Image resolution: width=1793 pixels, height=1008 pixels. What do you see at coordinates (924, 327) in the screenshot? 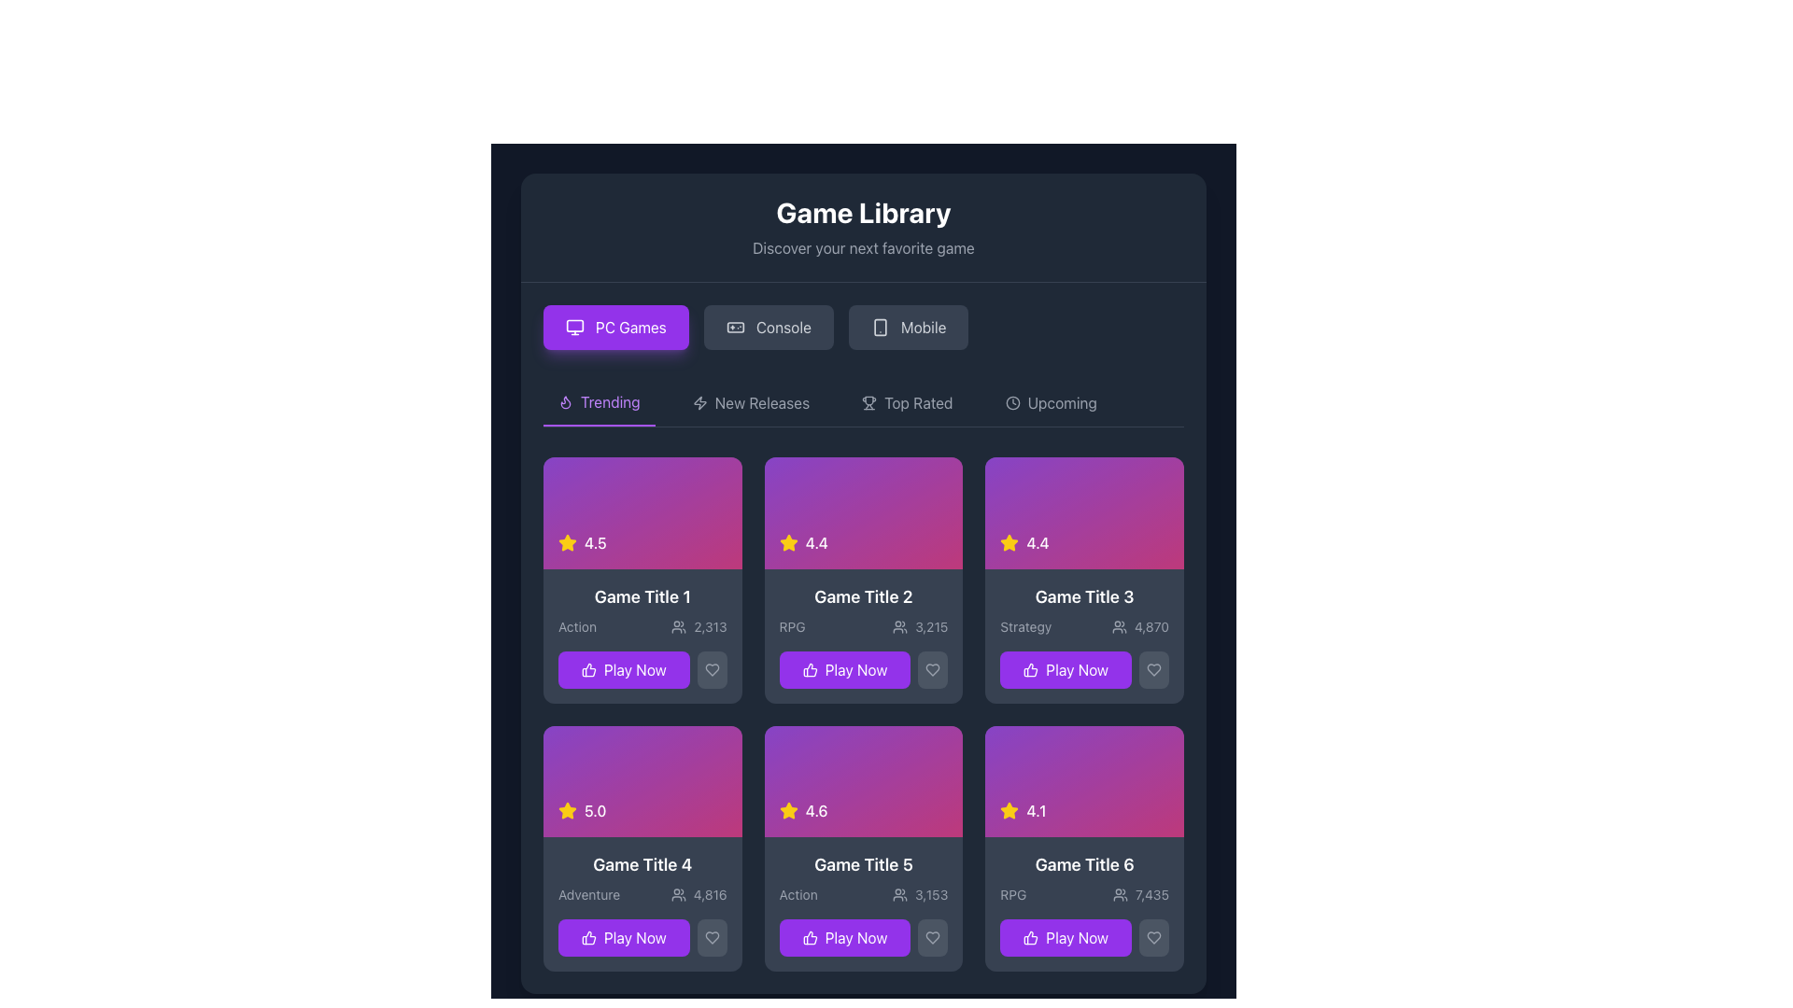
I see `the 'Mobile' category text label` at bounding box center [924, 327].